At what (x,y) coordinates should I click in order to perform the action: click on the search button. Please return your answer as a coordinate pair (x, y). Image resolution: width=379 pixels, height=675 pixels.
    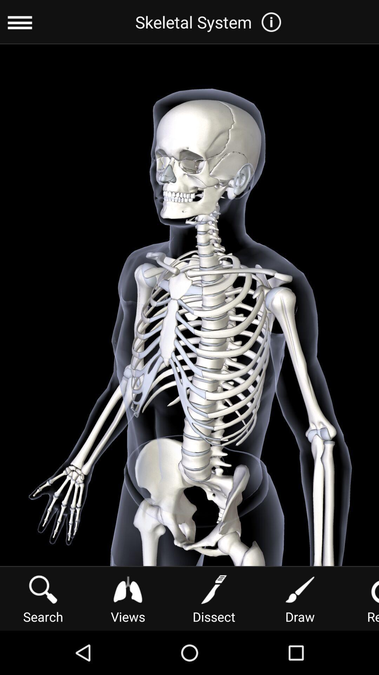
    Looking at the image, I should click on (43, 598).